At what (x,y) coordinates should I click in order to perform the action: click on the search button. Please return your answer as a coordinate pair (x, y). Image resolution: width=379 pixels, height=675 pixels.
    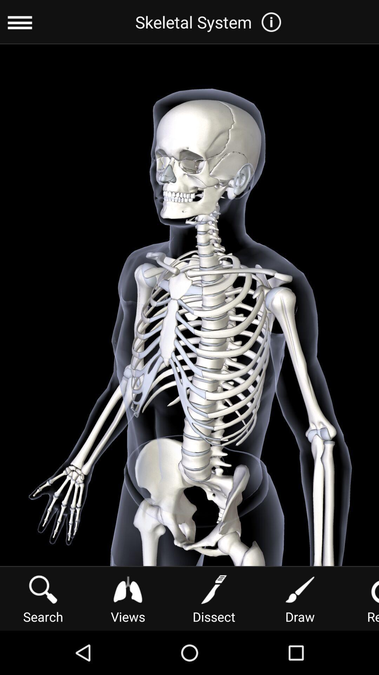
    Looking at the image, I should click on (43, 598).